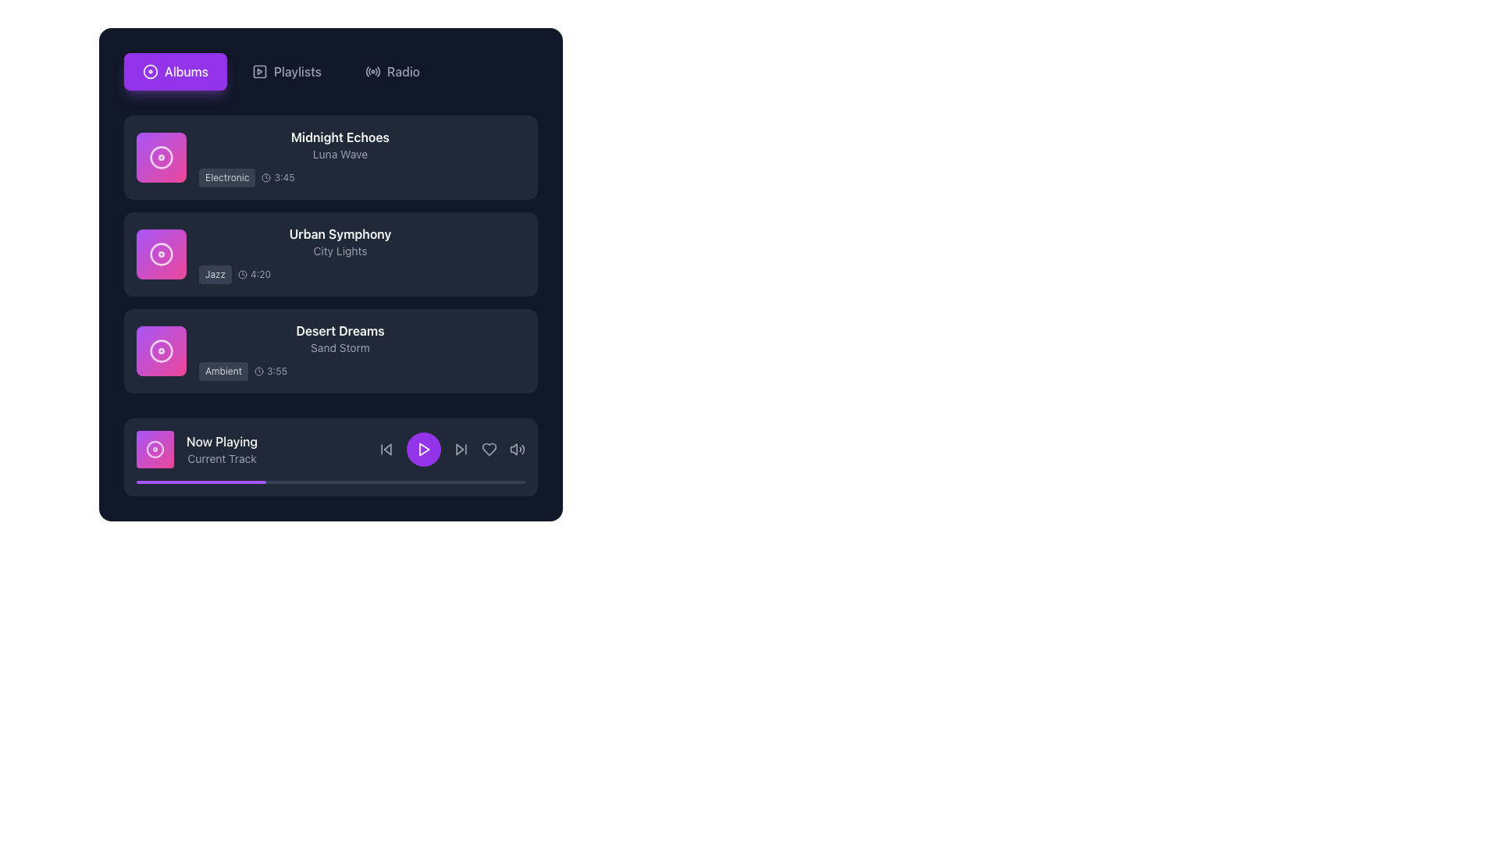 This screenshot has height=843, width=1499. Describe the element at coordinates (340, 347) in the screenshot. I see `the text label that displays 'Sand Storm' in gray color, located below the title 'Desert Dreams' in the third listing under the 'Albums' section` at that location.